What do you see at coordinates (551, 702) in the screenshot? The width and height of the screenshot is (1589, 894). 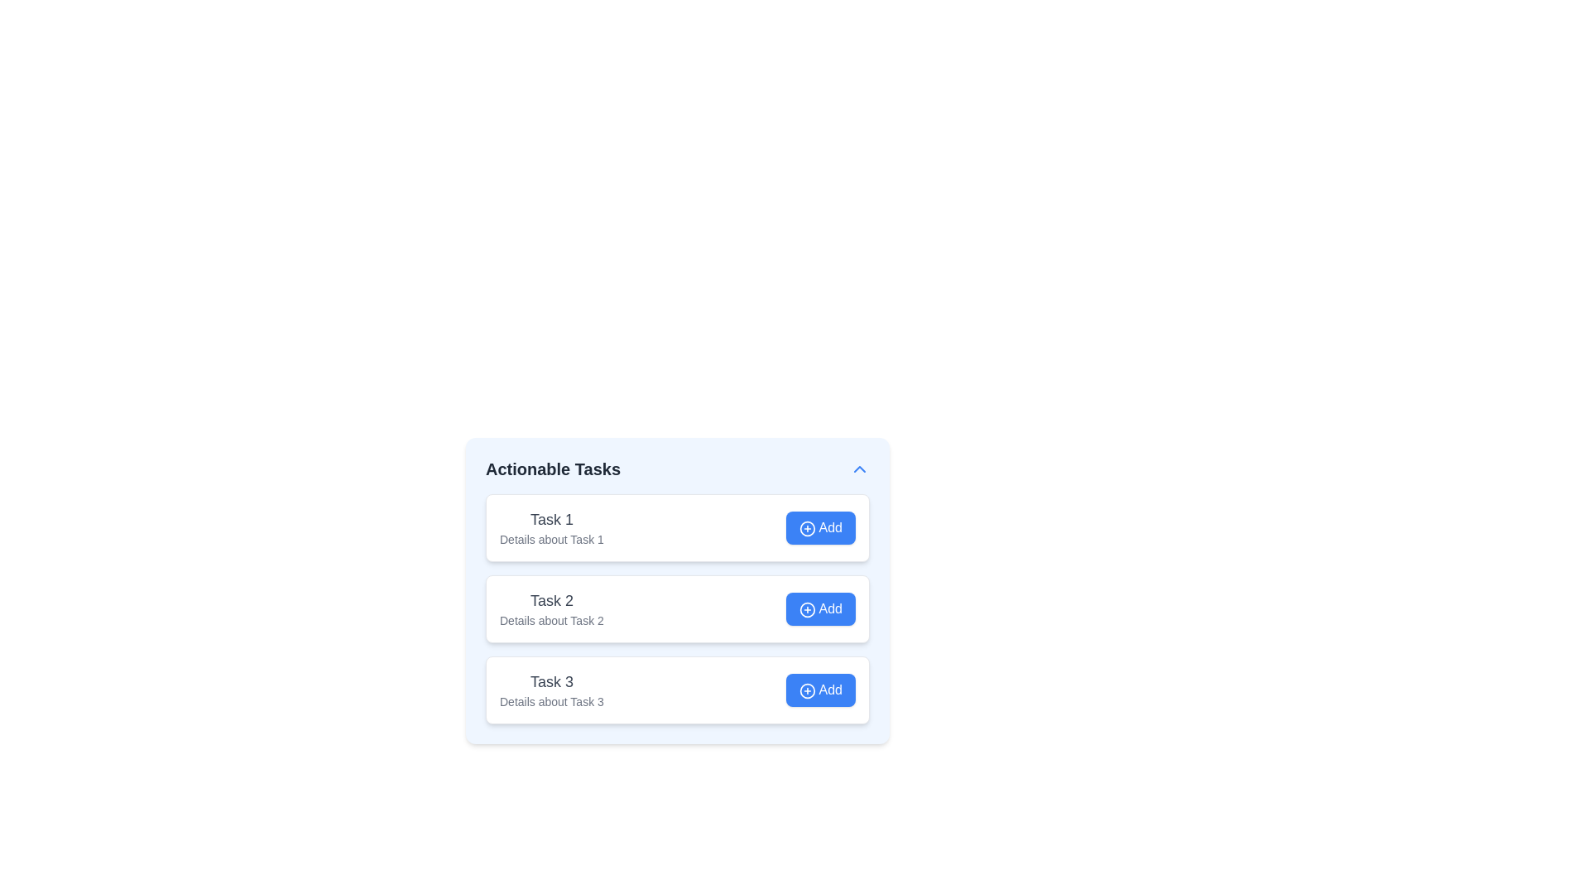 I see `the text label that displays 'Details about Task 3' located within the 'Actionable Tasks' panel, positioned below the title 'Task 3'` at bounding box center [551, 702].